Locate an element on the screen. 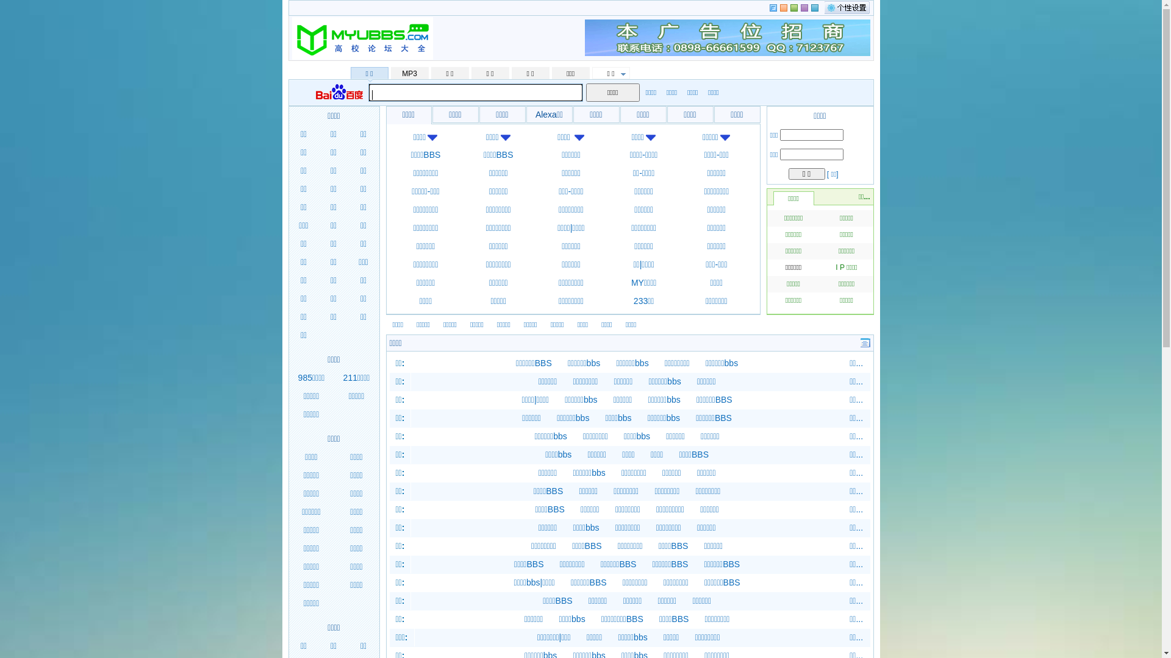 This screenshot has height=658, width=1171. 'MP3' is located at coordinates (409, 73).